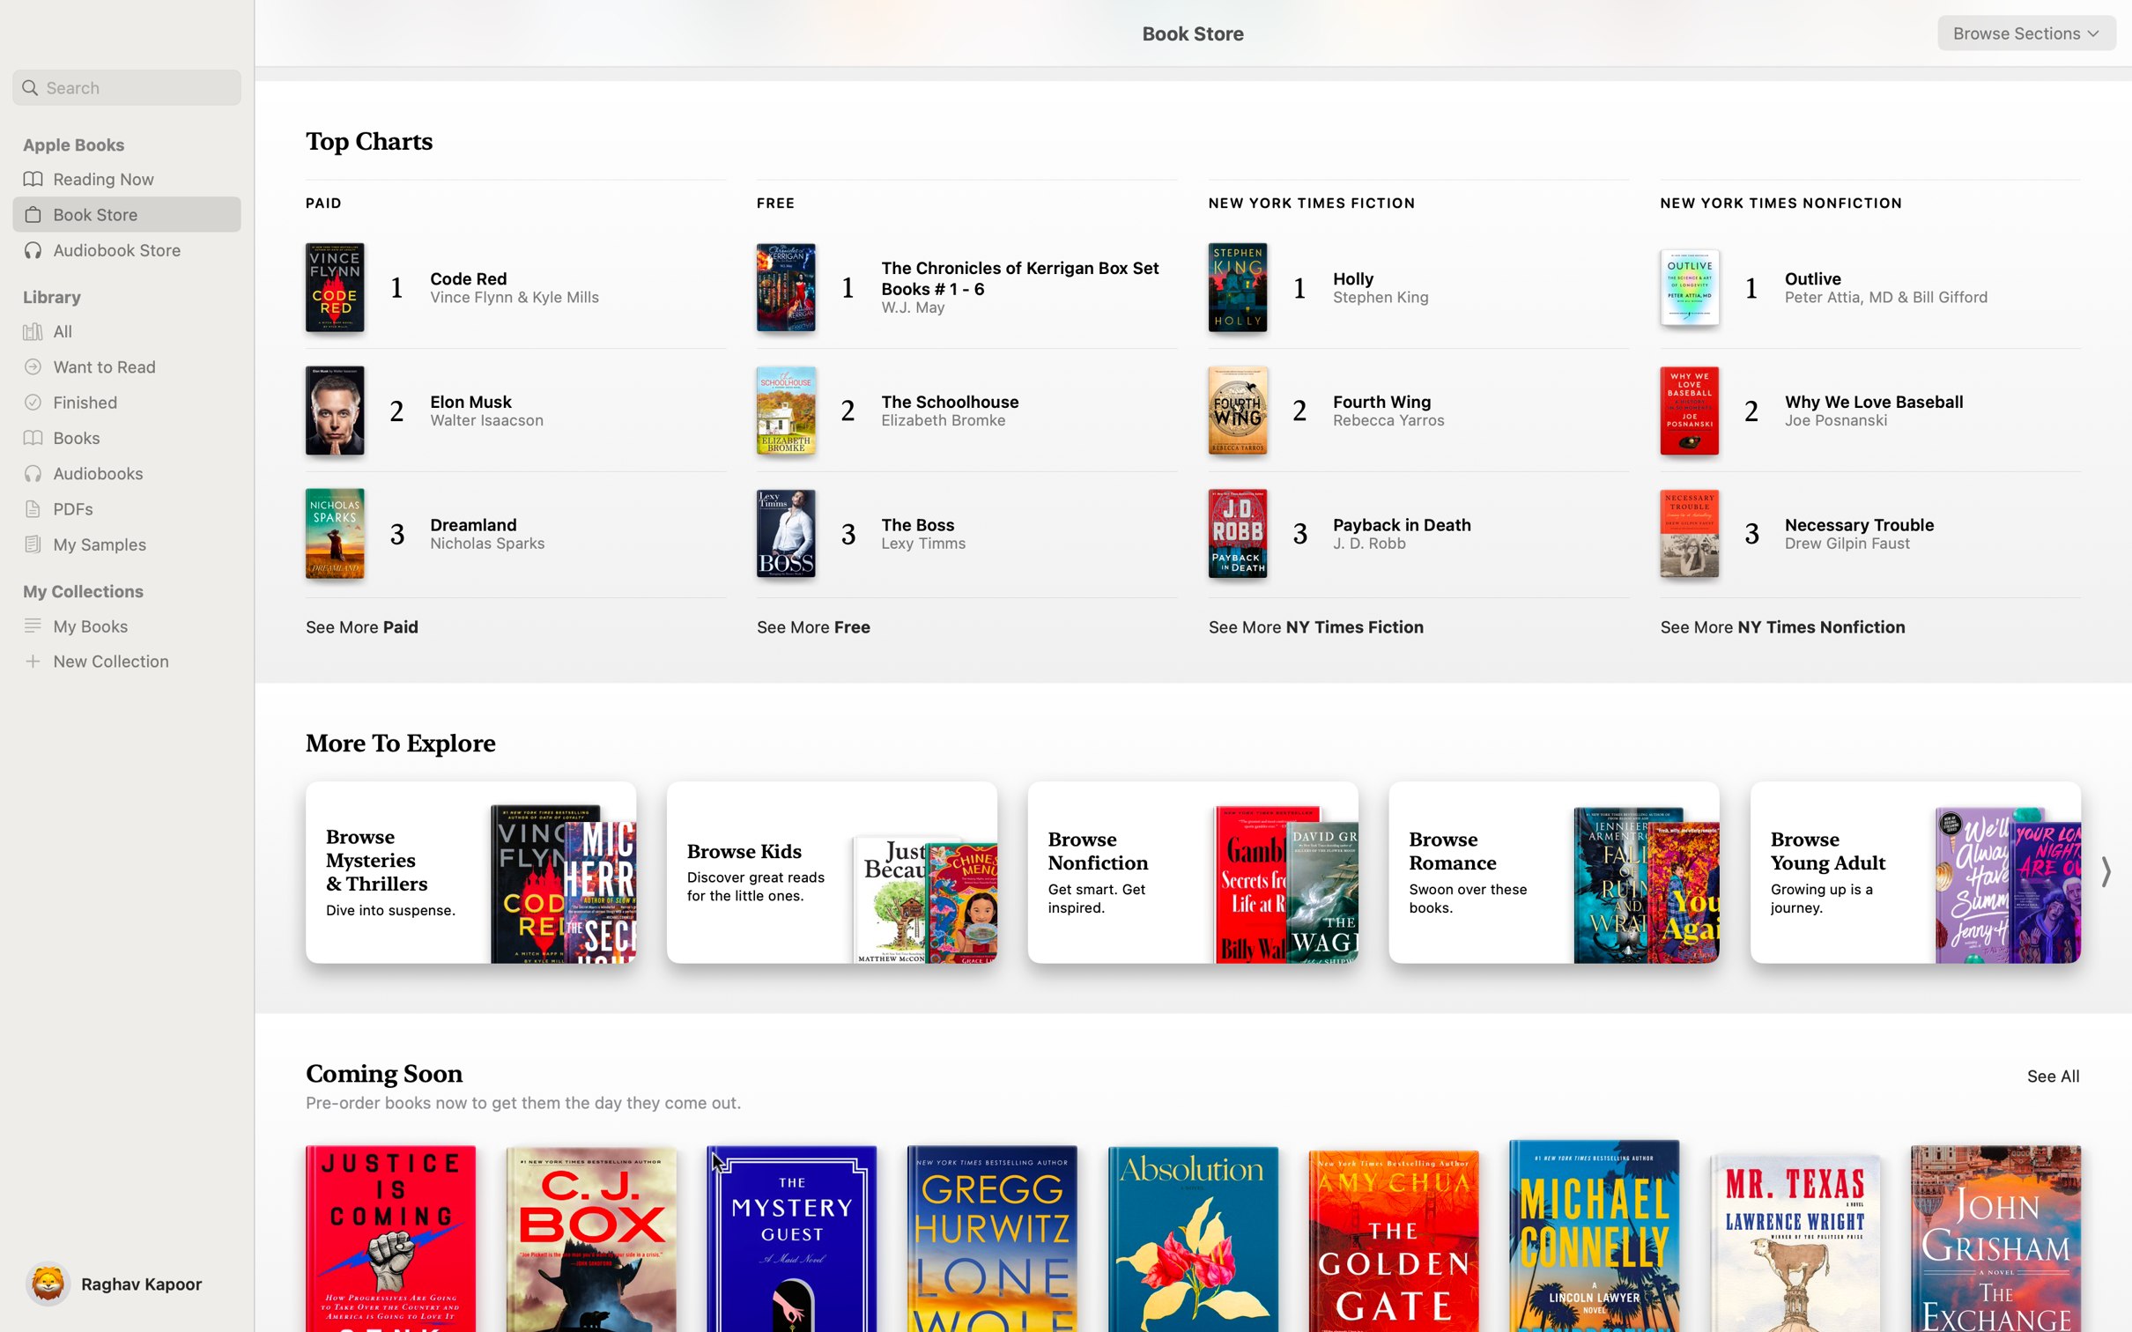  Describe the element at coordinates (126, 87) in the screenshot. I see `and select the book "The Power of Now" via the search bar` at that location.